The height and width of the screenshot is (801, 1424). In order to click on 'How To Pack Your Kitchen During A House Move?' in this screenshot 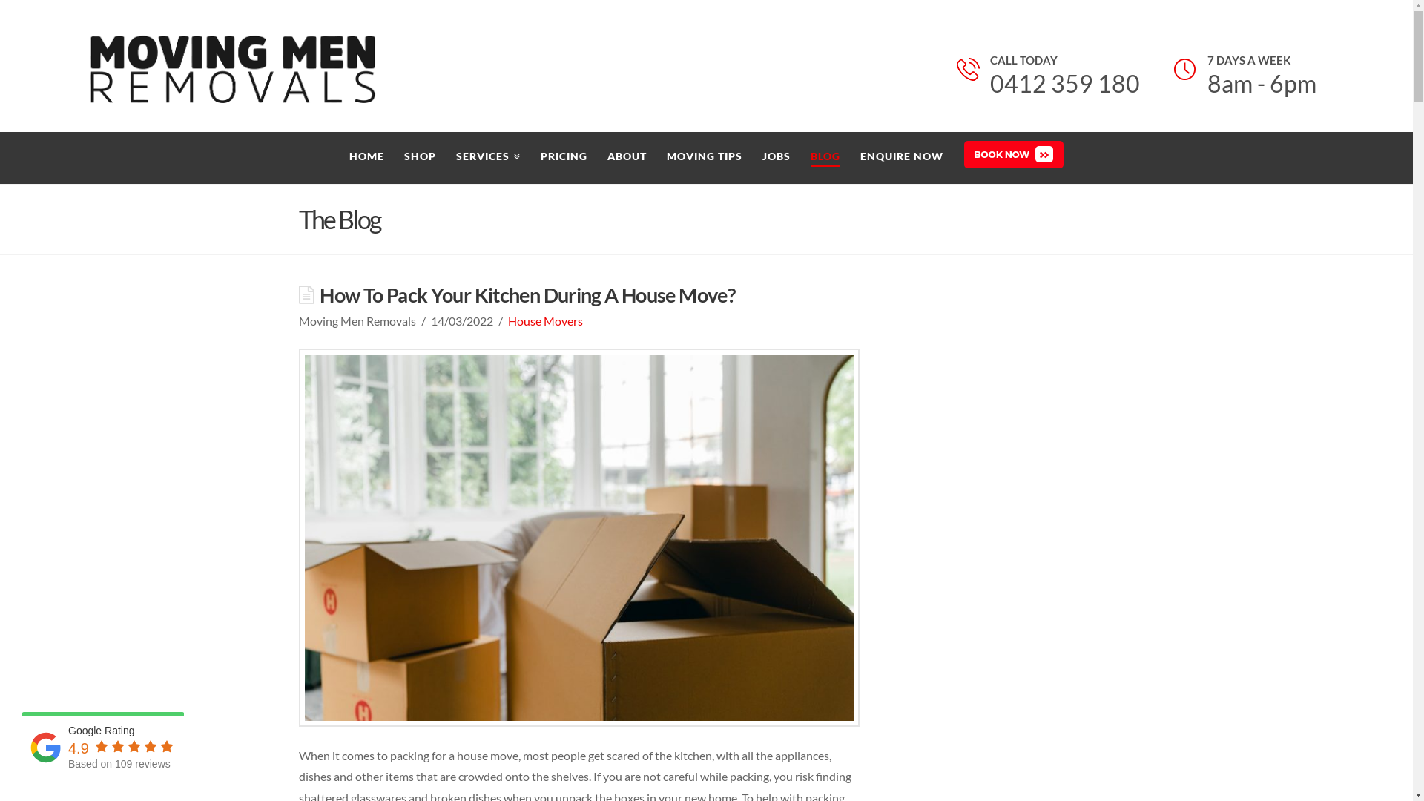, I will do `click(527, 294)`.